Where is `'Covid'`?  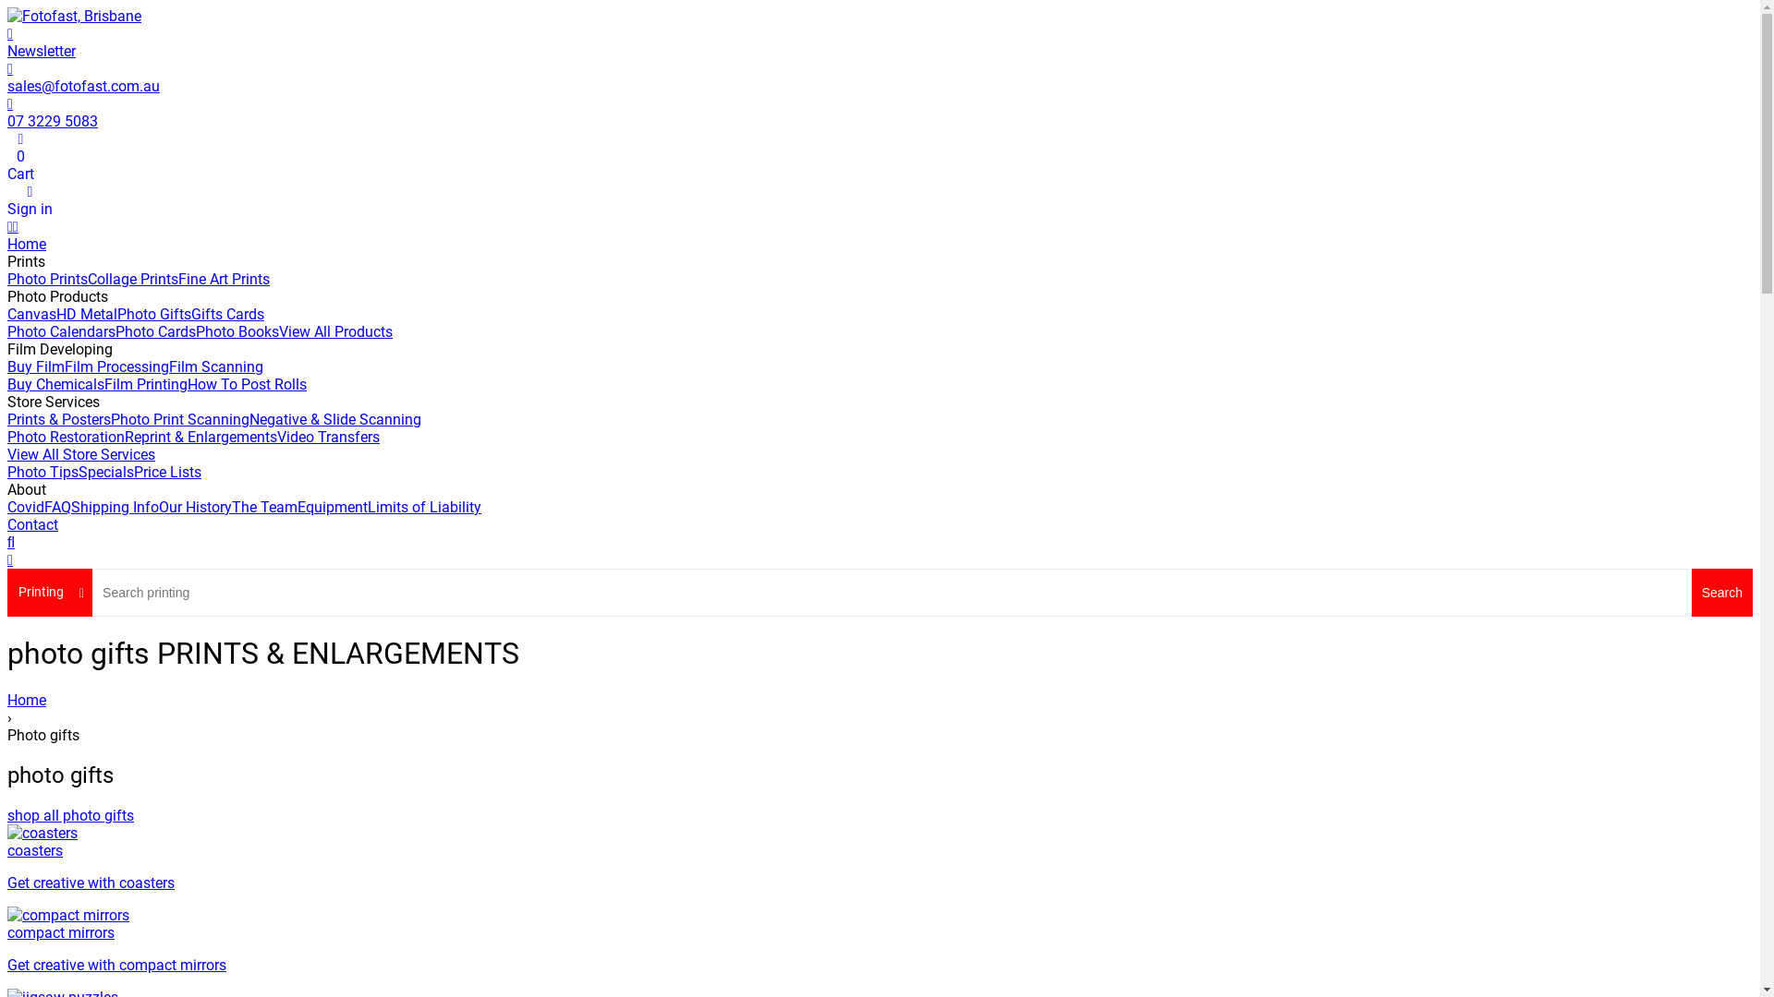
'Covid' is located at coordinates (26, 507).